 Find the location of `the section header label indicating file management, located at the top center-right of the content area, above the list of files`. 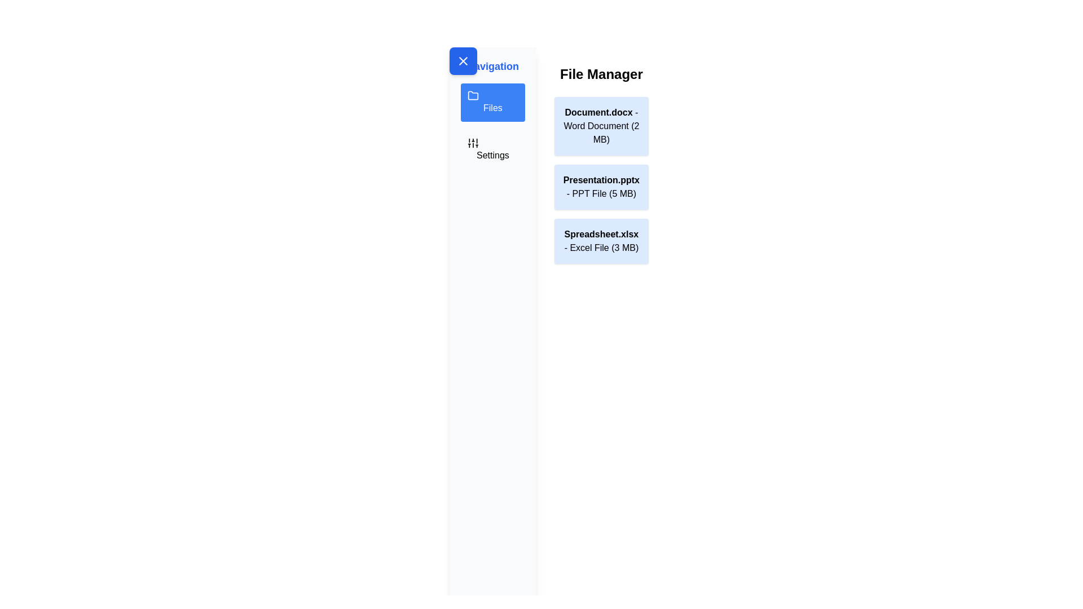

the section header label indicating file management, located at the top center-right of the content area, above the list of files is located at coordinates (601, 74).